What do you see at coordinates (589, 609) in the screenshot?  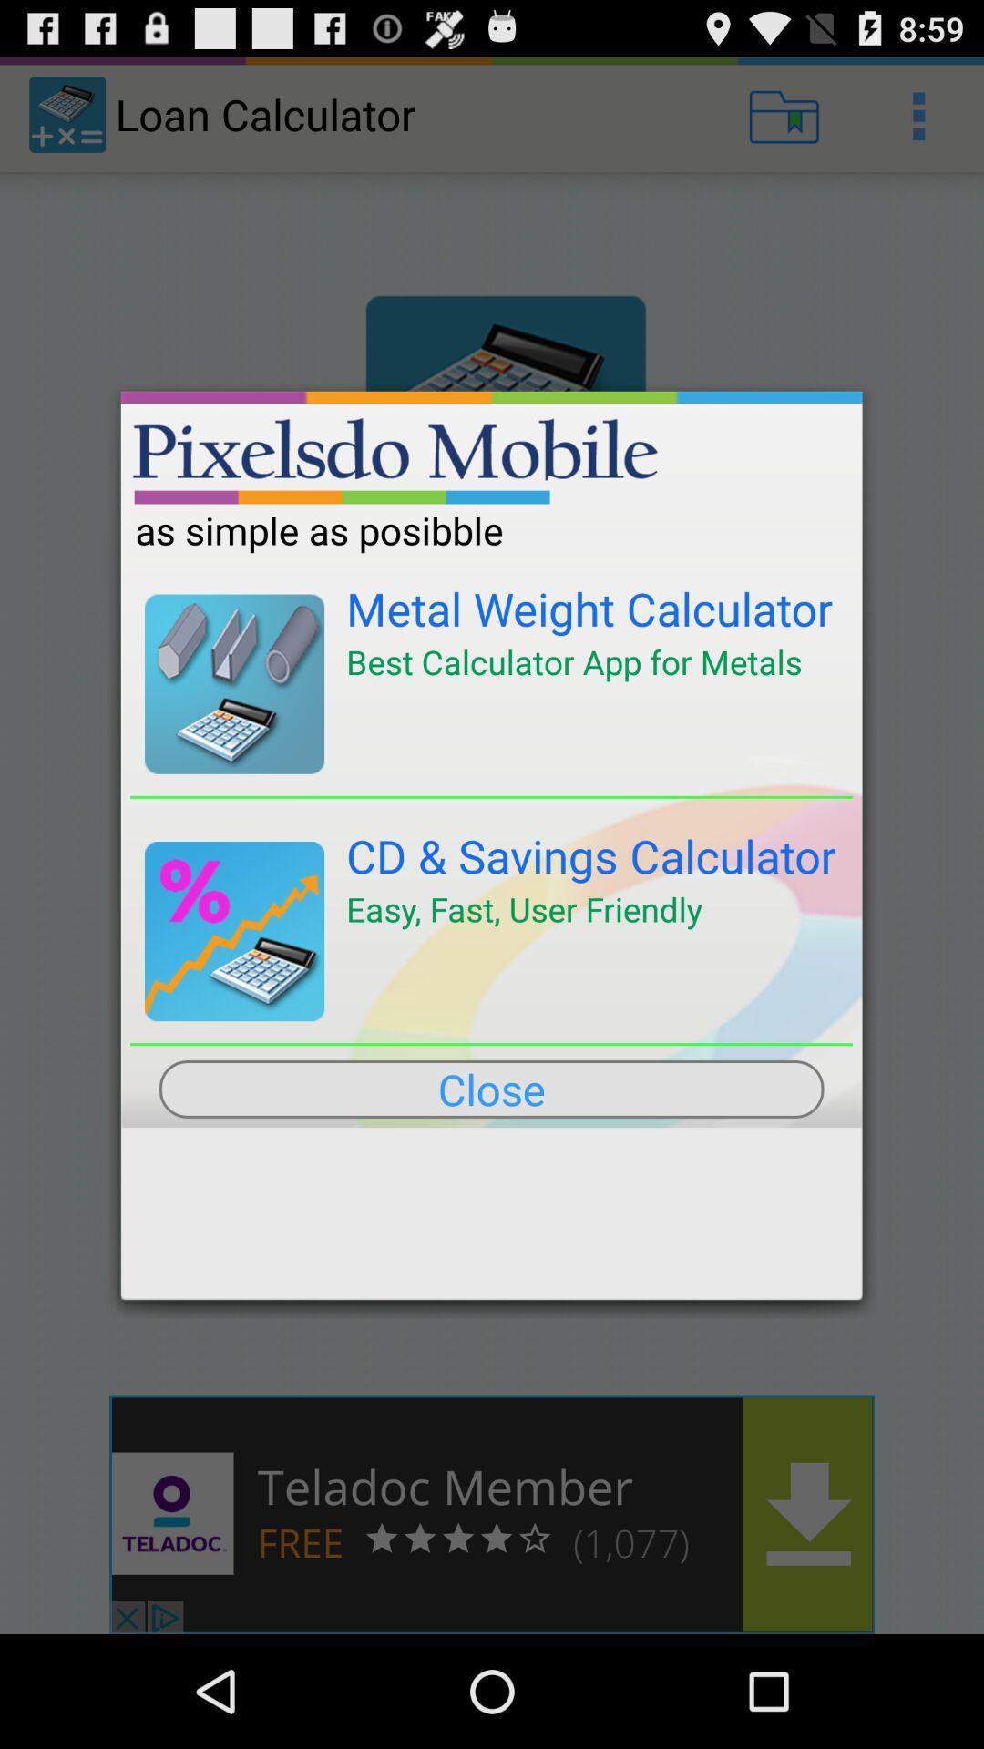 I see `icon below as simple as app` at bounding box center [589, 609].